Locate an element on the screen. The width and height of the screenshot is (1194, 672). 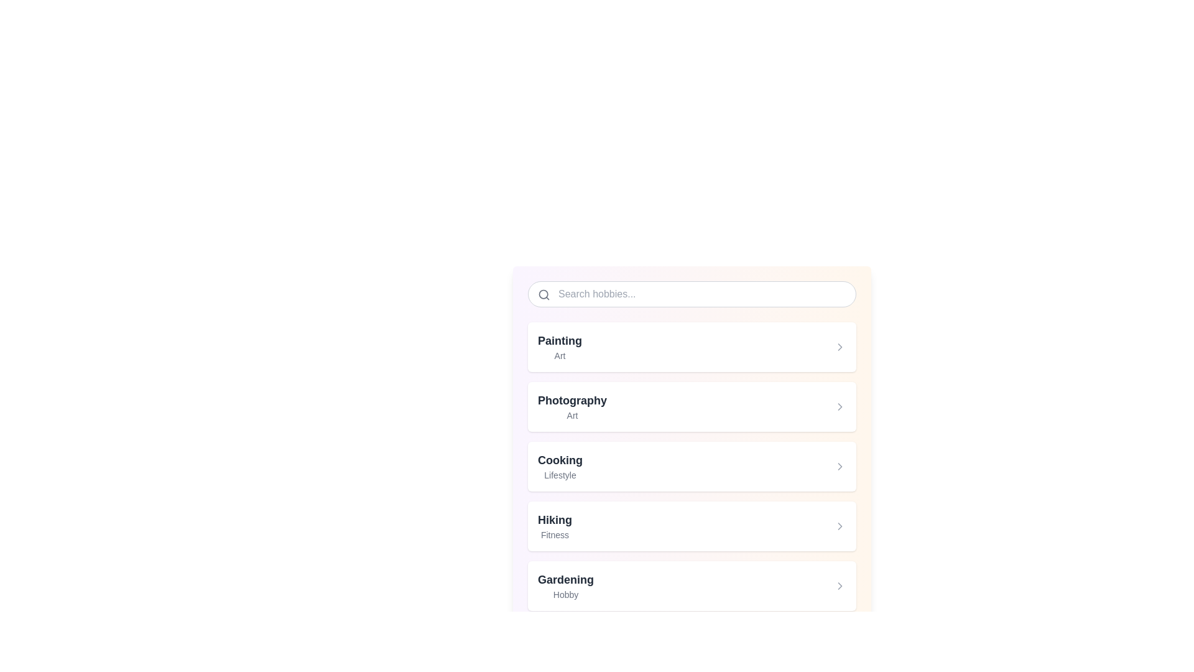
the second category card in the vertical list, which represents a selectable topic (e.g., Photography) is located at coordinates (692, 407).